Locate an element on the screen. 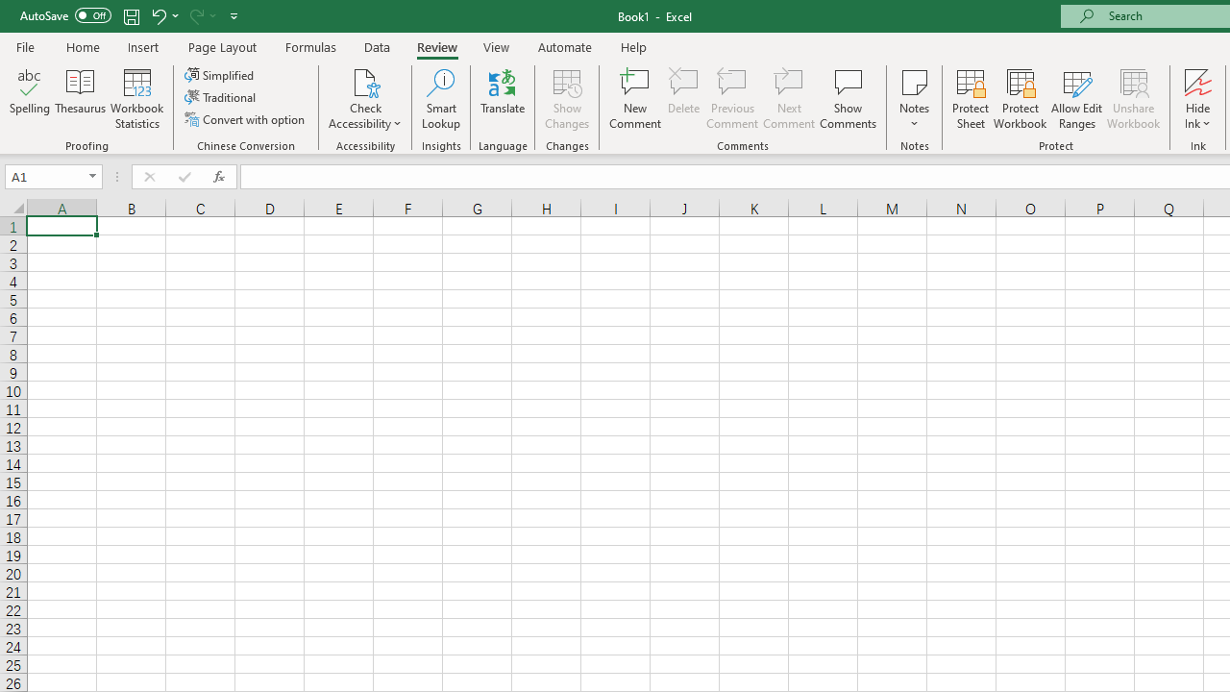 This screenshot has height=692, width=1230. 'Protect Sheet...' is located at coordinates (971, 99).